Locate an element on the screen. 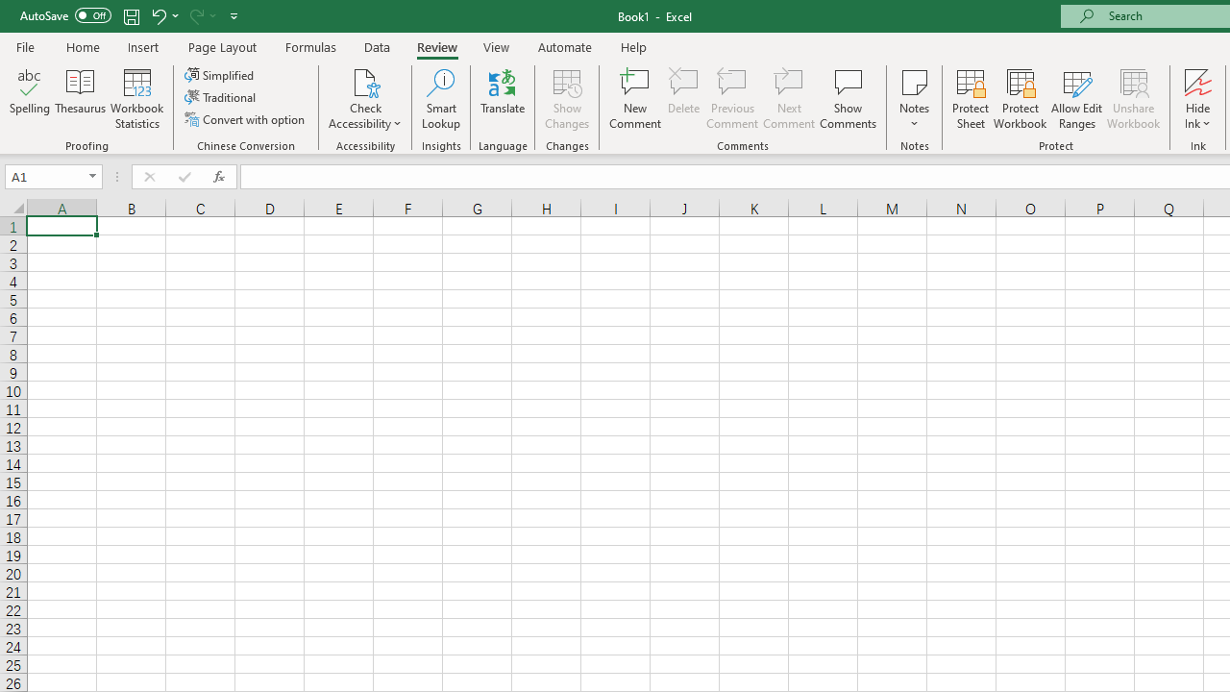 This screenshot has height=692, width=1230. 'Protect Sheet...' is located at coordinates (971, 99).